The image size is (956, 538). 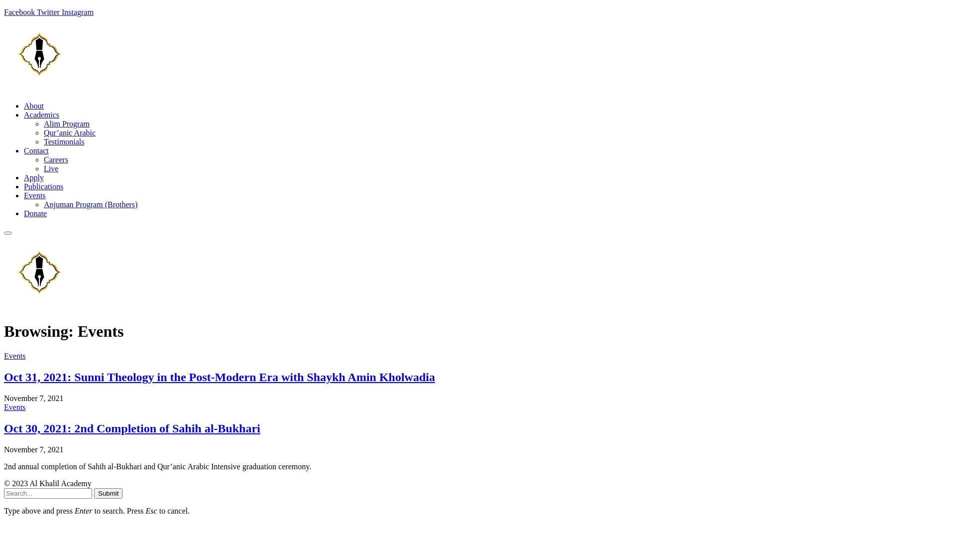 I want to click on 'Oct 30, 2021: 2nd Completion of Sahih al-Bukhari', so click(x=131, y=428).